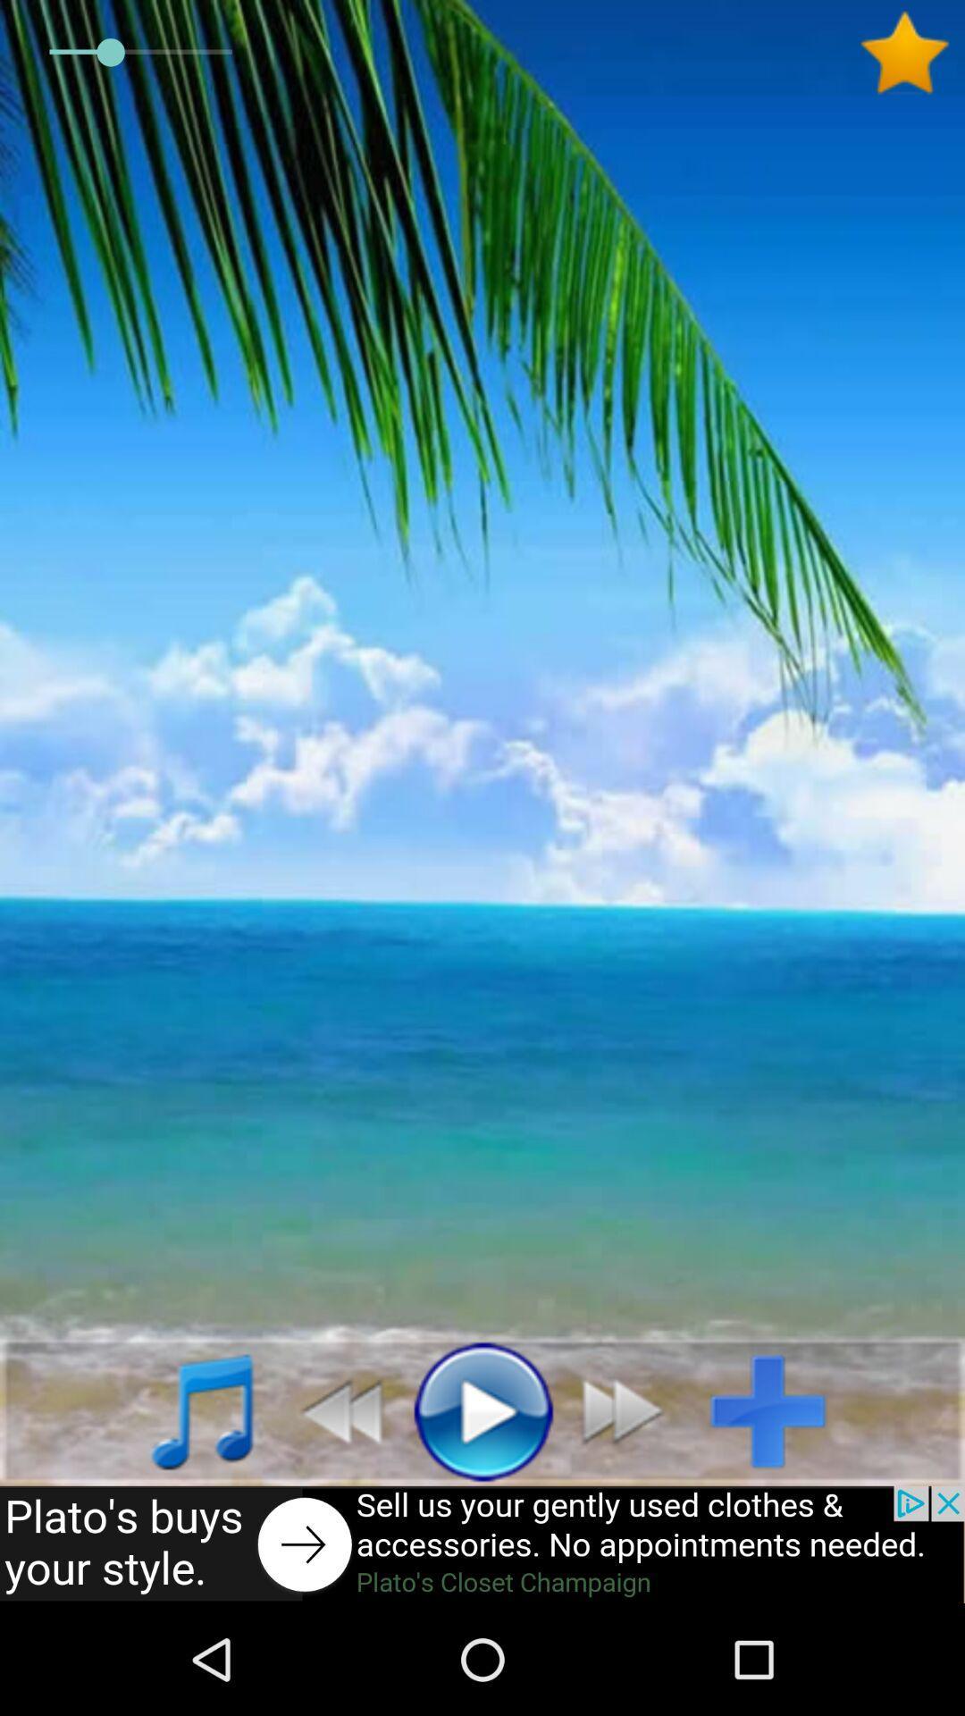  What do you see at coordinates (482, 1409) in the screenshot?
I see `the play icon` at bounding box center [482, 1409].